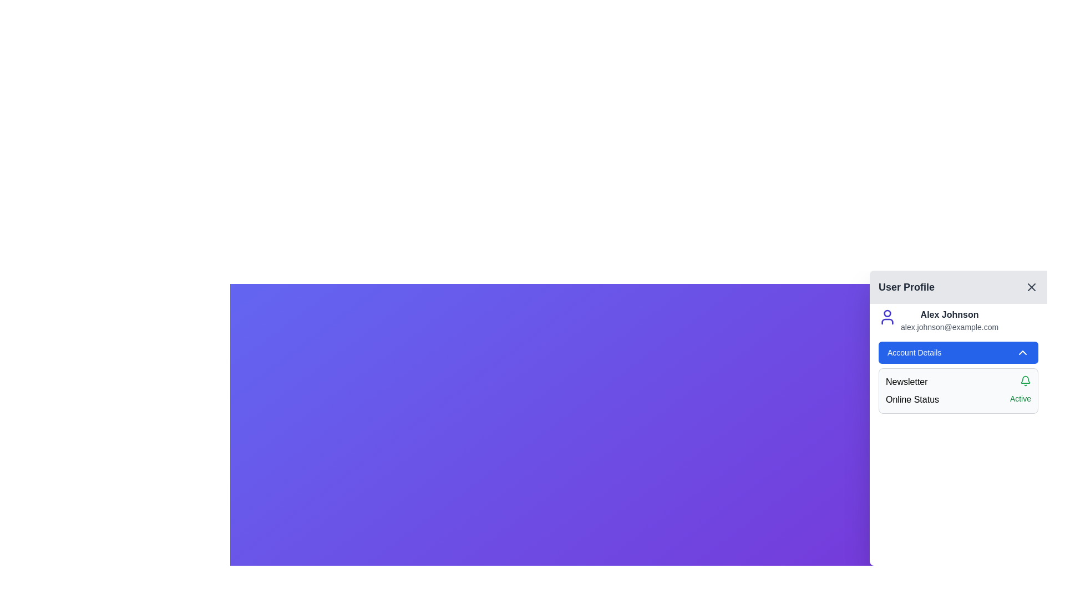 This screenshot has width=1065, height=599. I want to click on the 'Online Status' section of the Sidebar user profile panel, so click(958, 418).